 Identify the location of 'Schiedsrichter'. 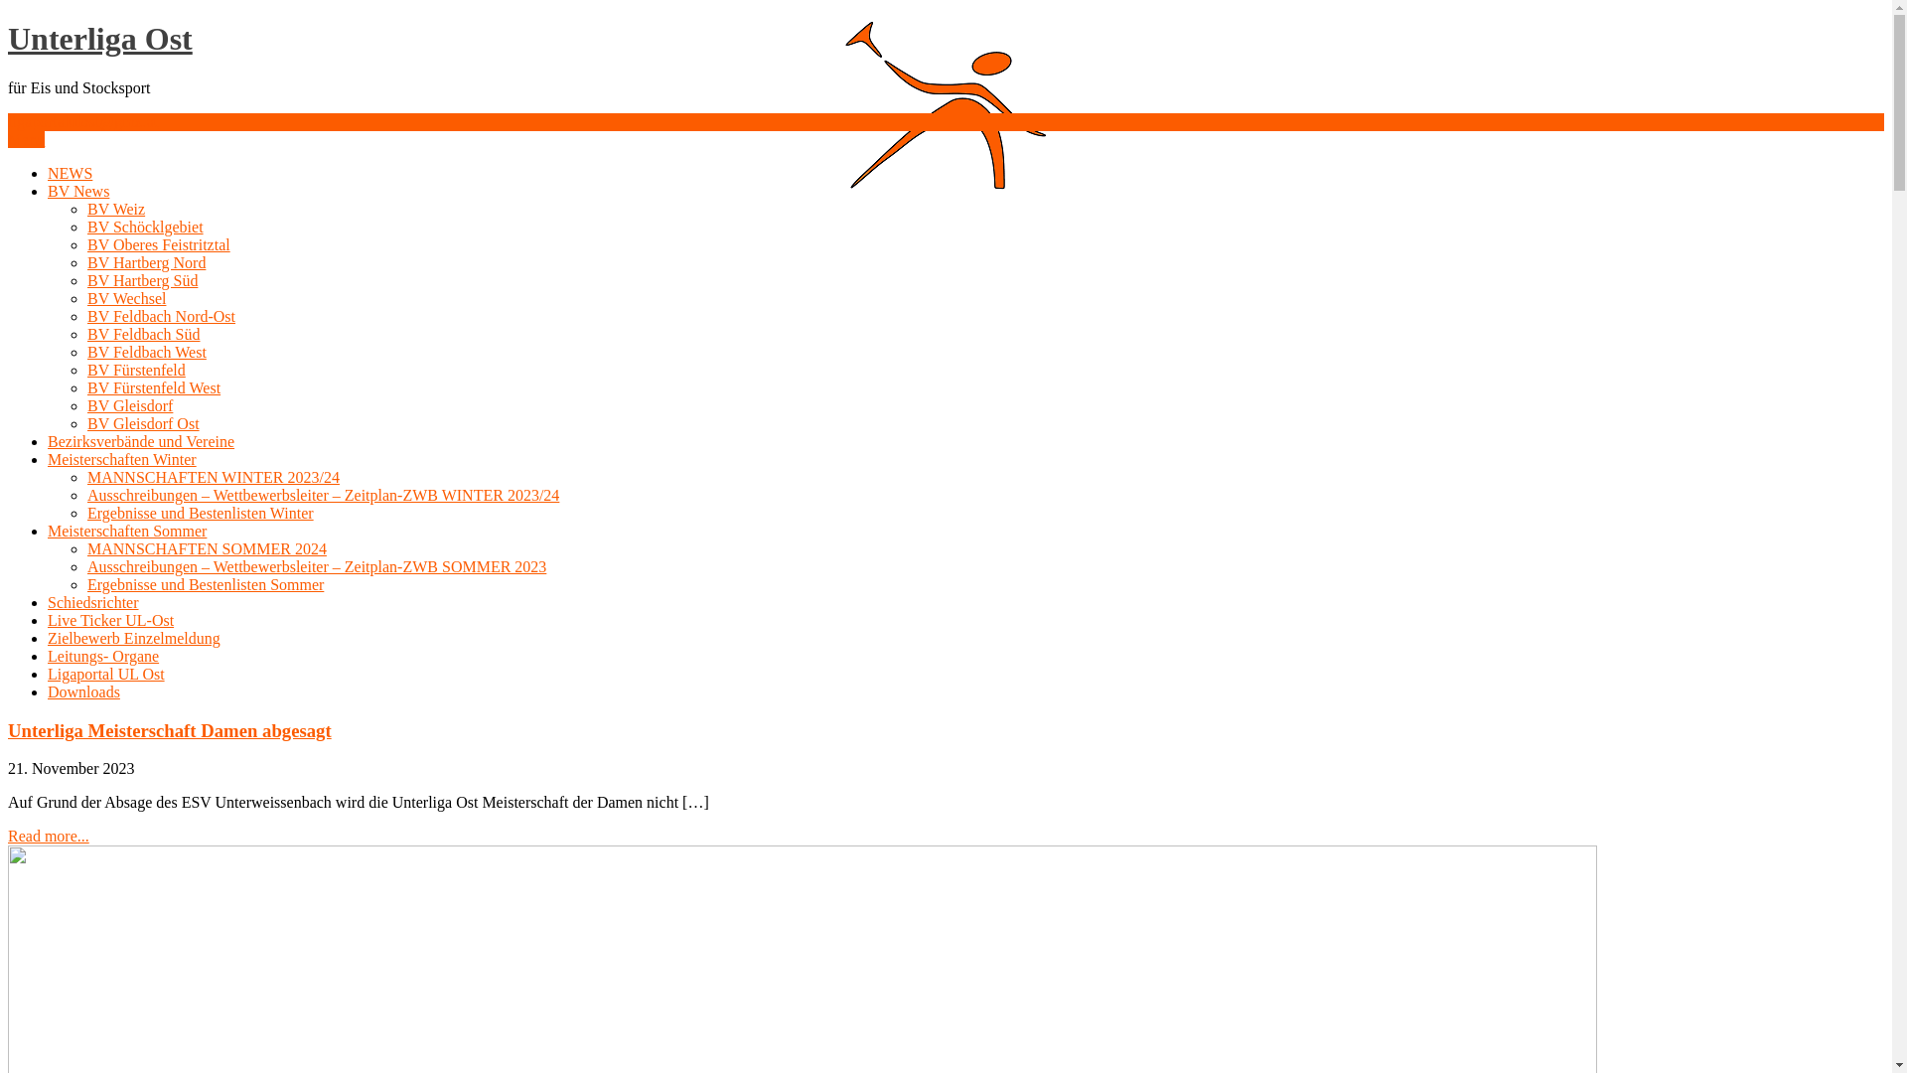
(92, 601).